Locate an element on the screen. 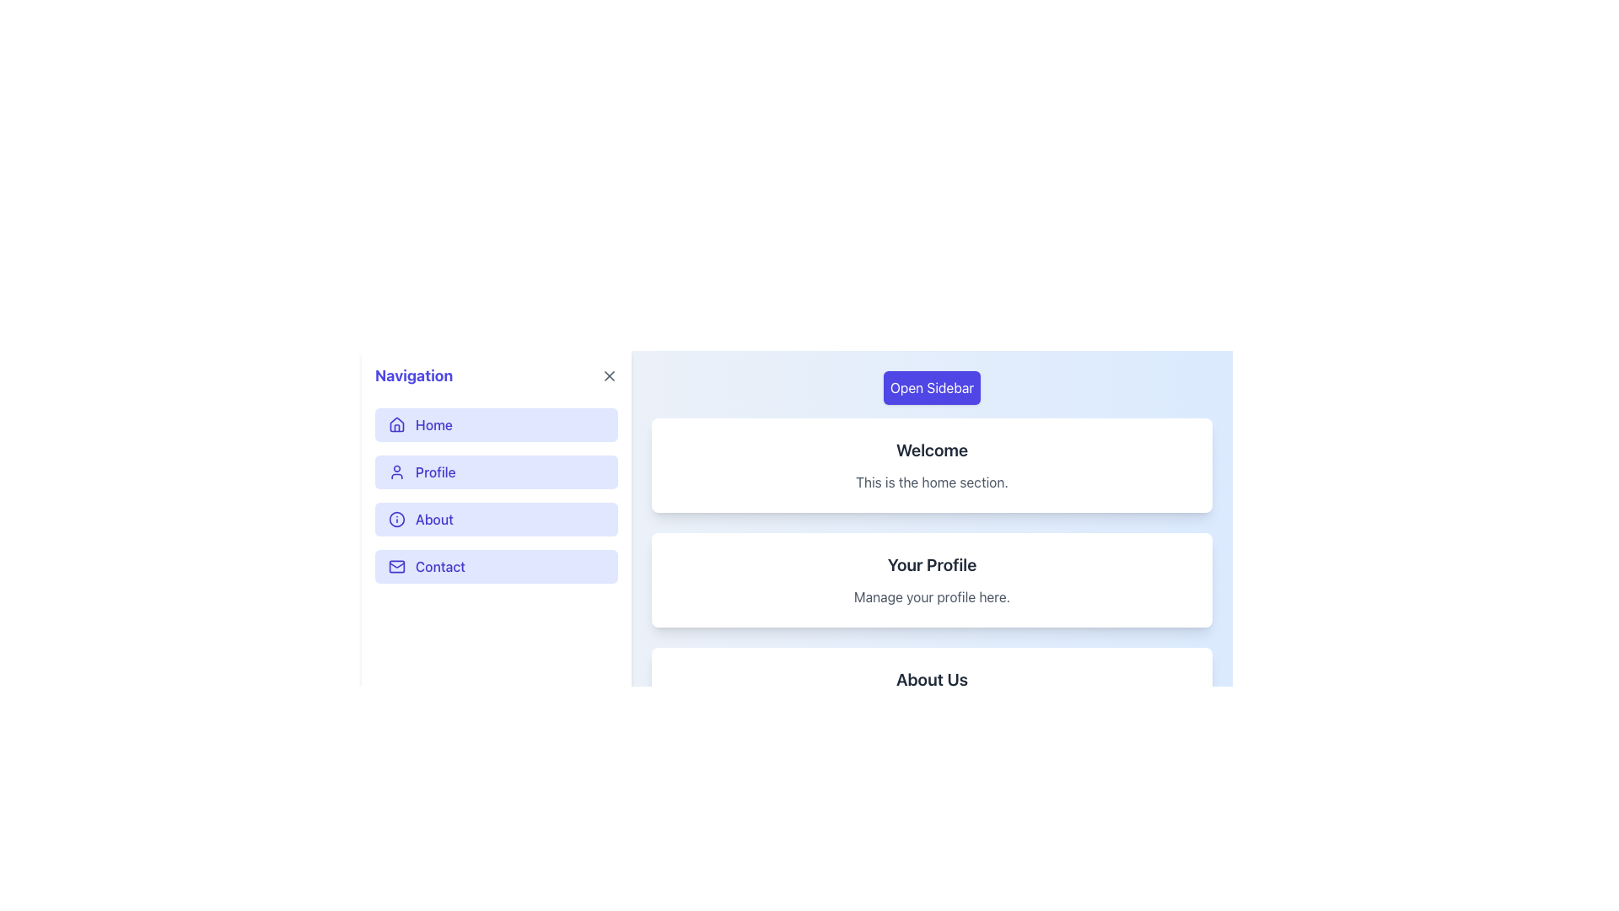  the informational text element that assists users in understanding their profile management, located beneath the 'Your Profile' heading is located at coordinates (931, 596).